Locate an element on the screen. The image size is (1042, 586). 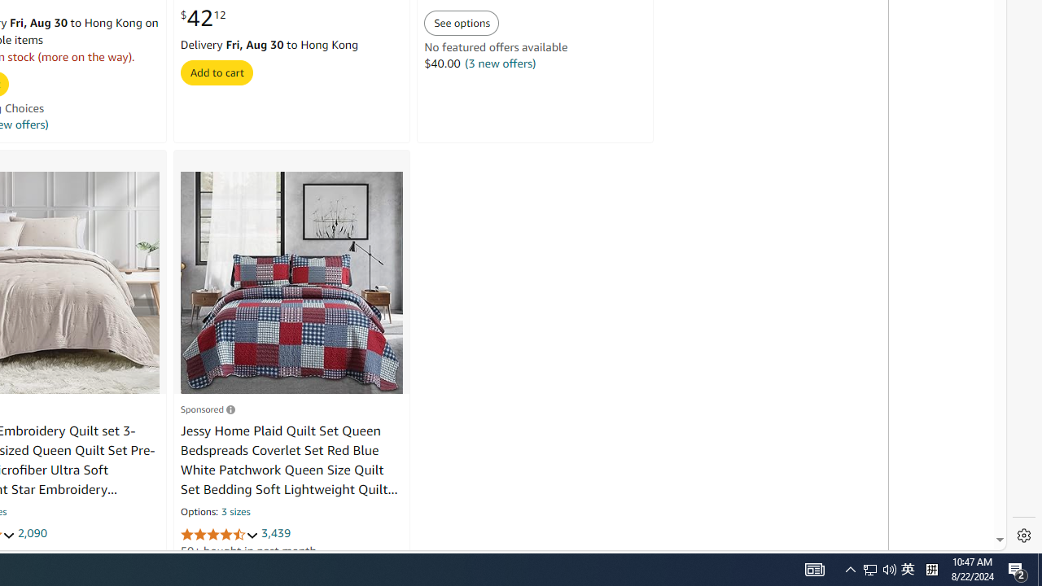
'4.4 out of 5 stars' is located at coordinates (218, 534).